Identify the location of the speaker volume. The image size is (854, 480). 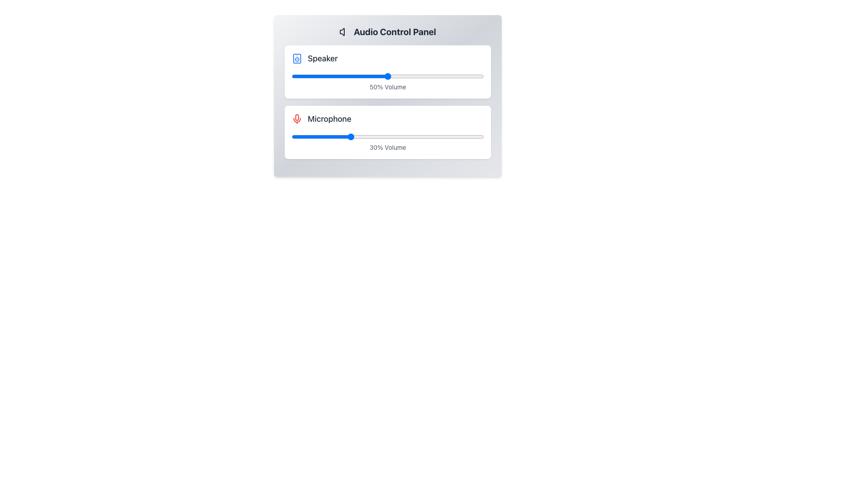
(414, 76).